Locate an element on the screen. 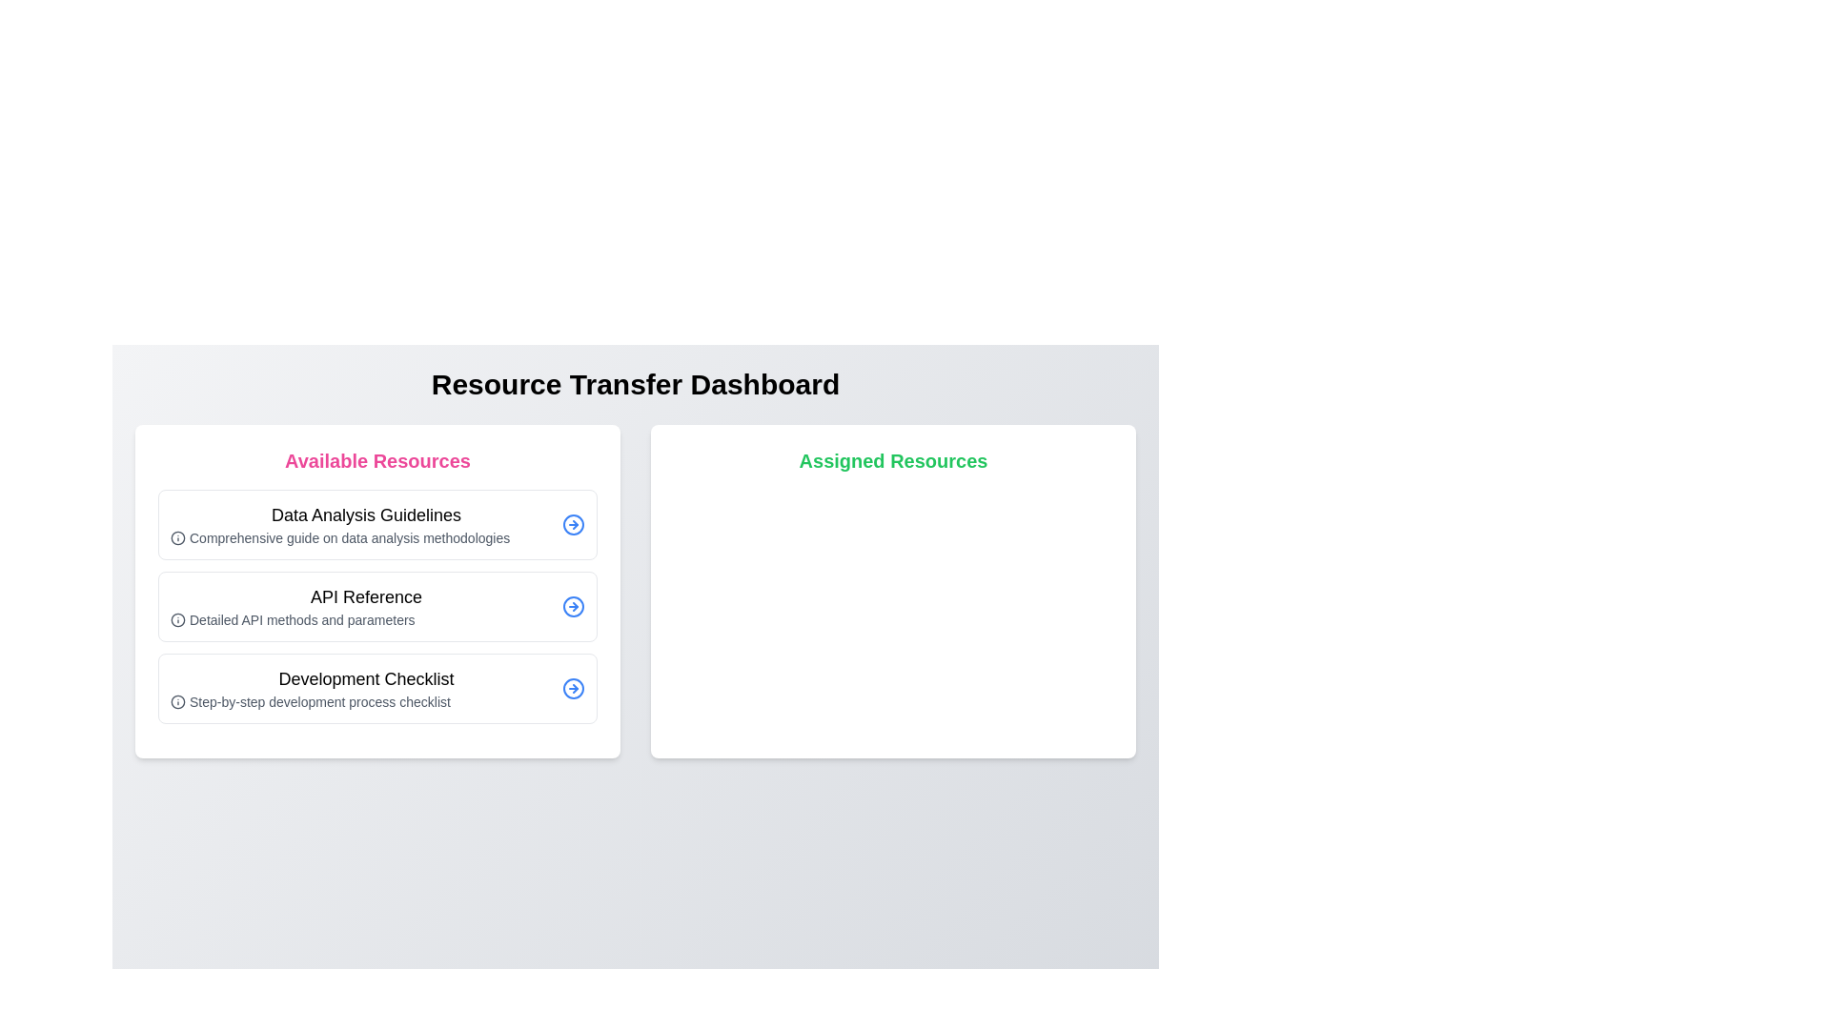  the title text element located in the top row of the list under 'Available Resources' in the 'Resource Transfer Dashboard' is located at coordinates (366, 514).